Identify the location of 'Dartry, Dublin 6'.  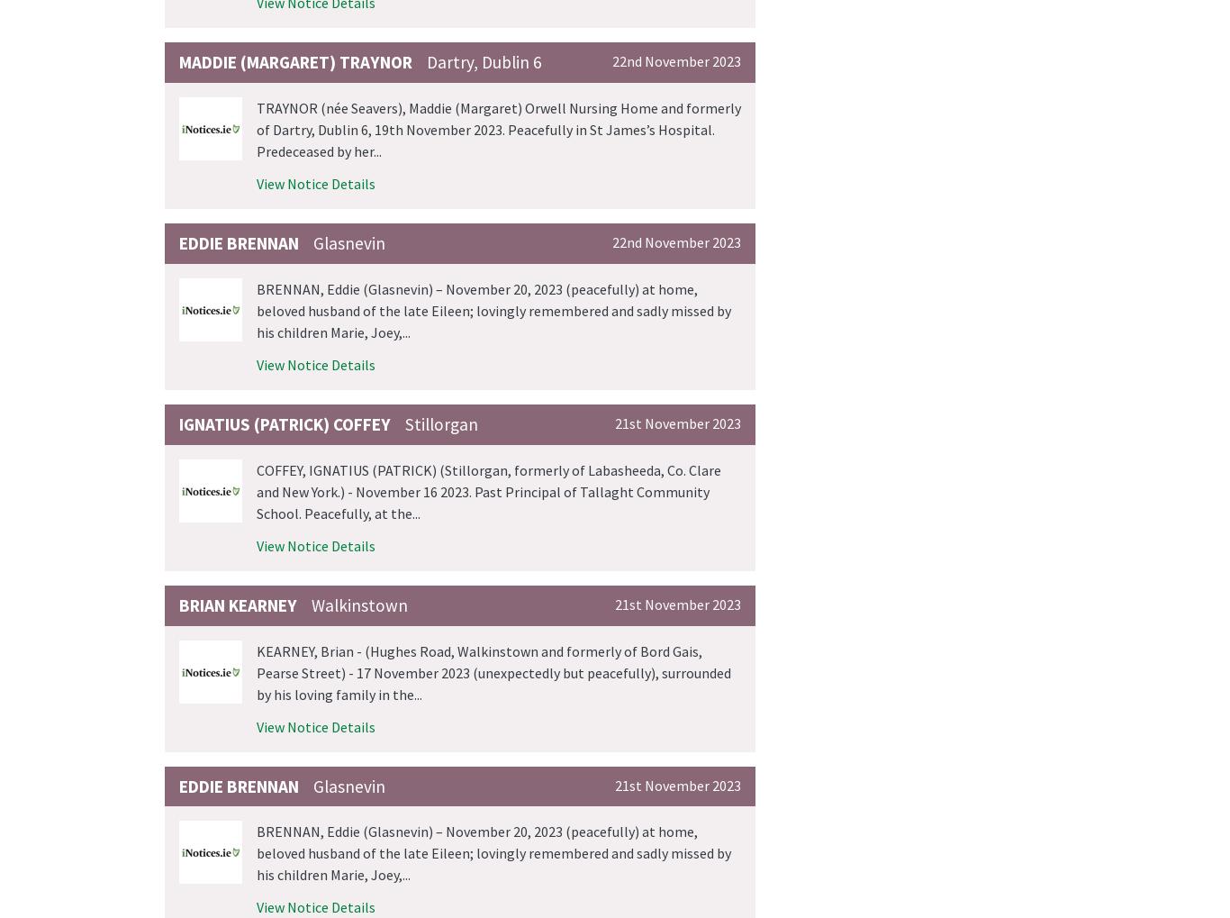
(484, 61).